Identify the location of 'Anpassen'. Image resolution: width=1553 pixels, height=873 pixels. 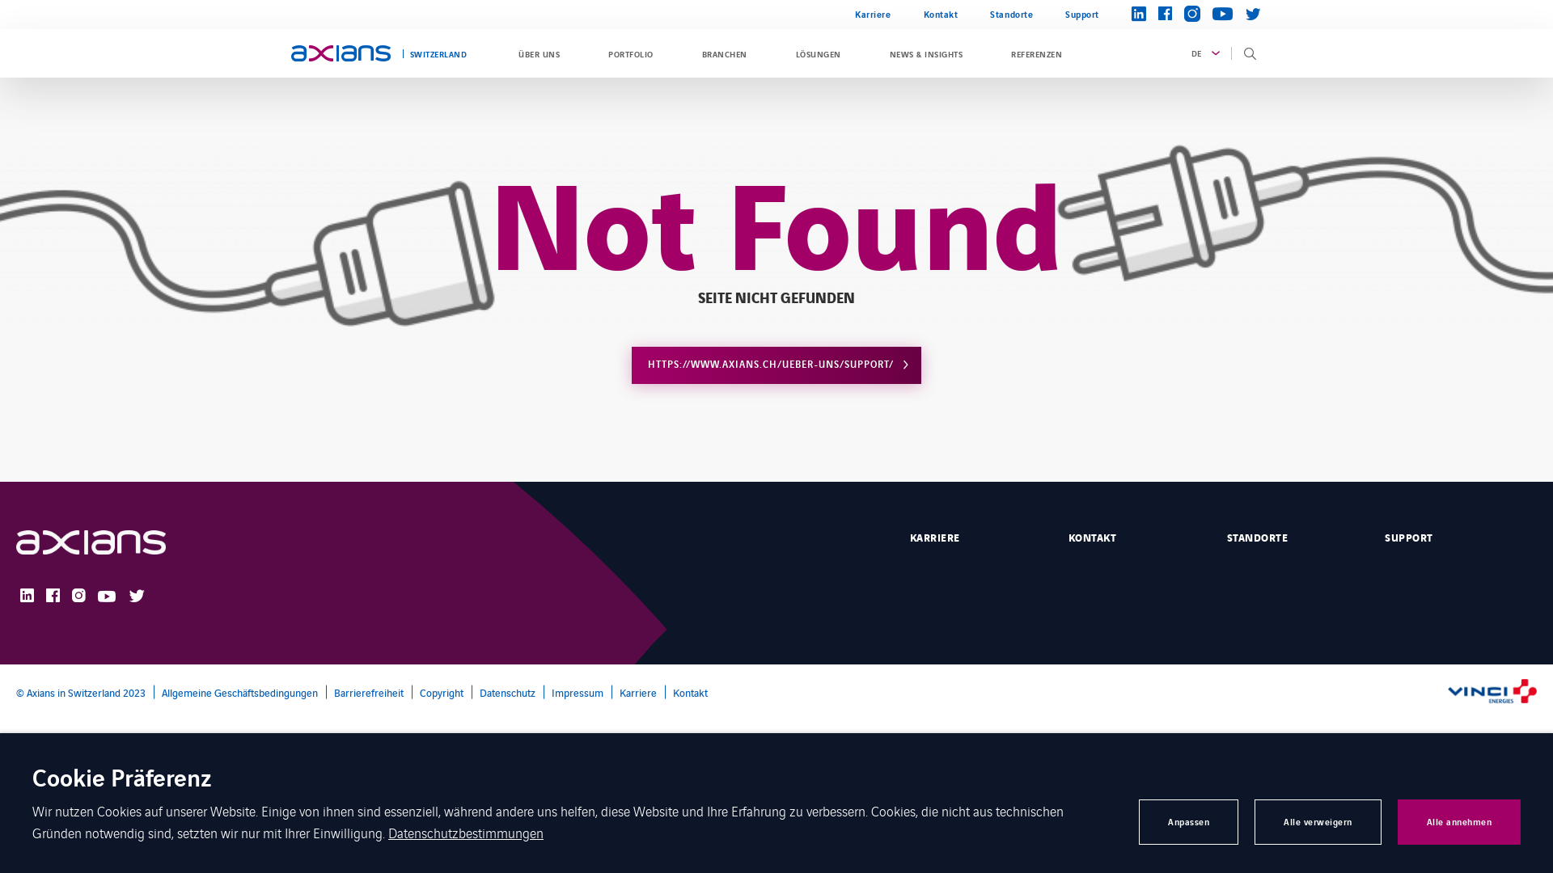
(1188, 822).